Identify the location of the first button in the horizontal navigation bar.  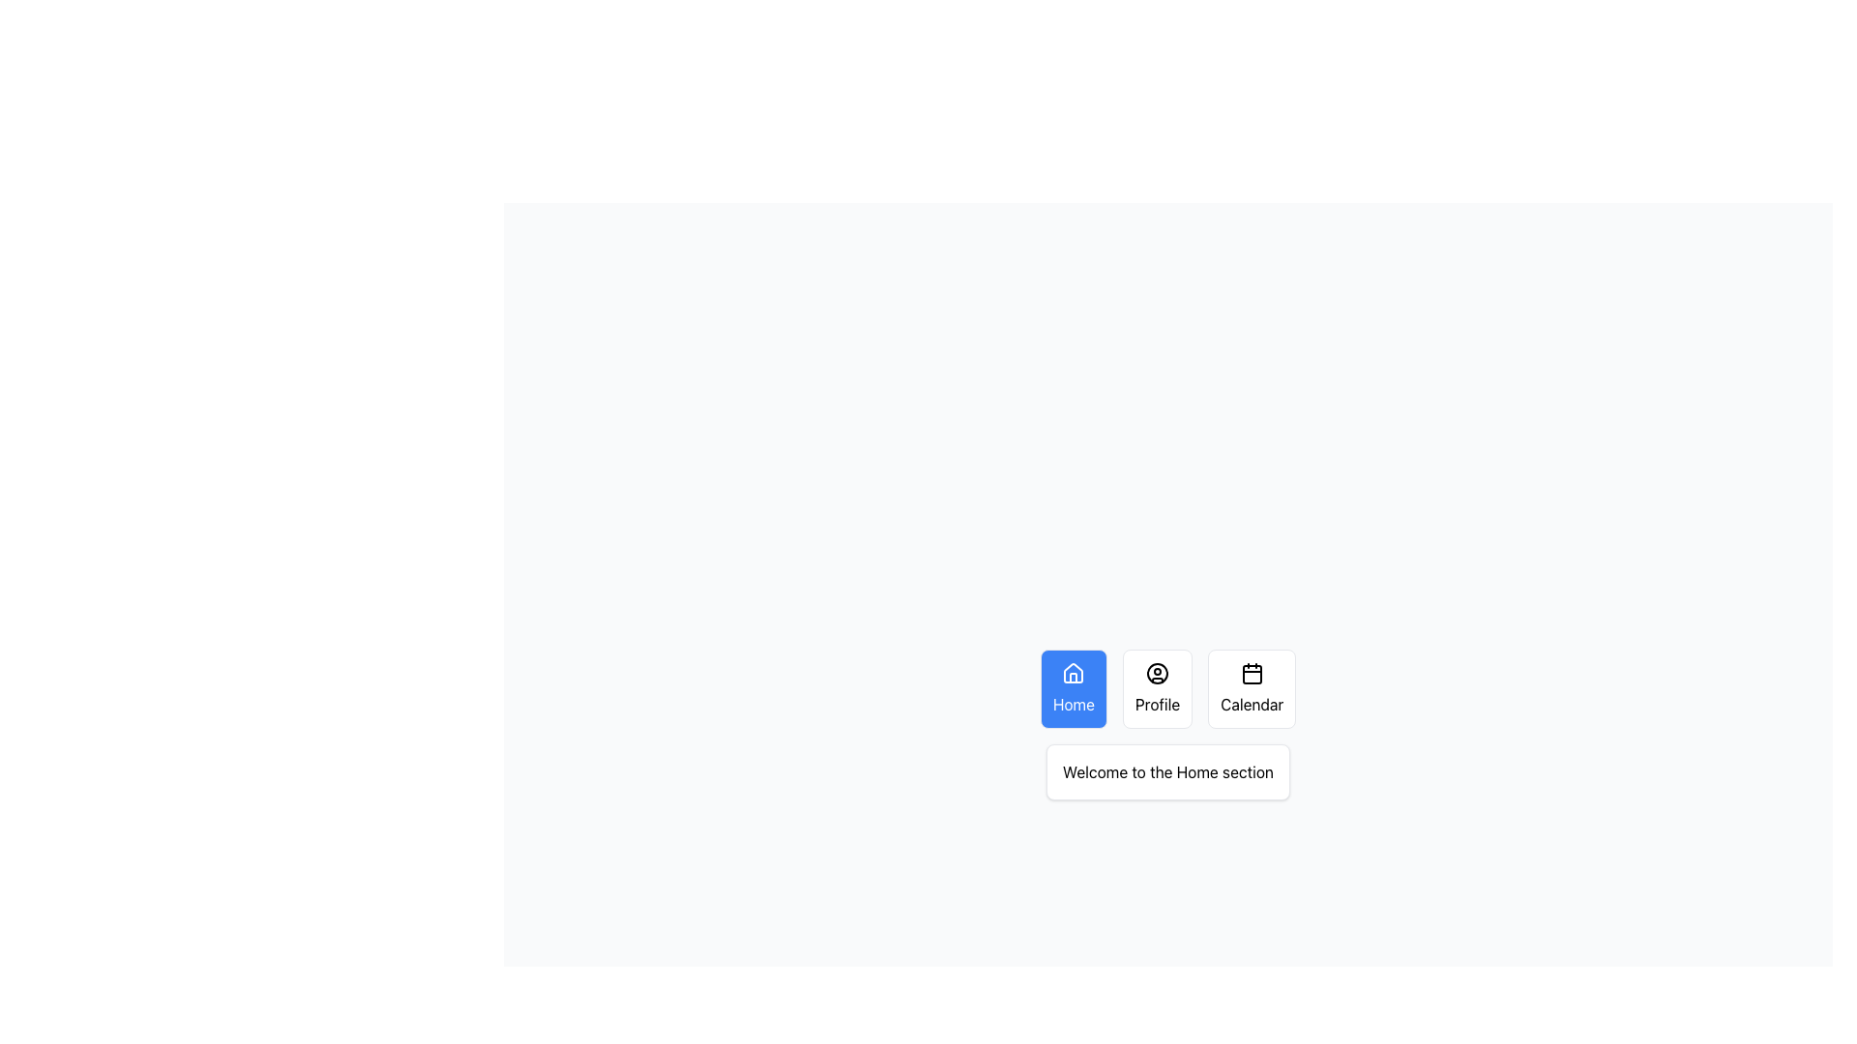
(1072, 688).